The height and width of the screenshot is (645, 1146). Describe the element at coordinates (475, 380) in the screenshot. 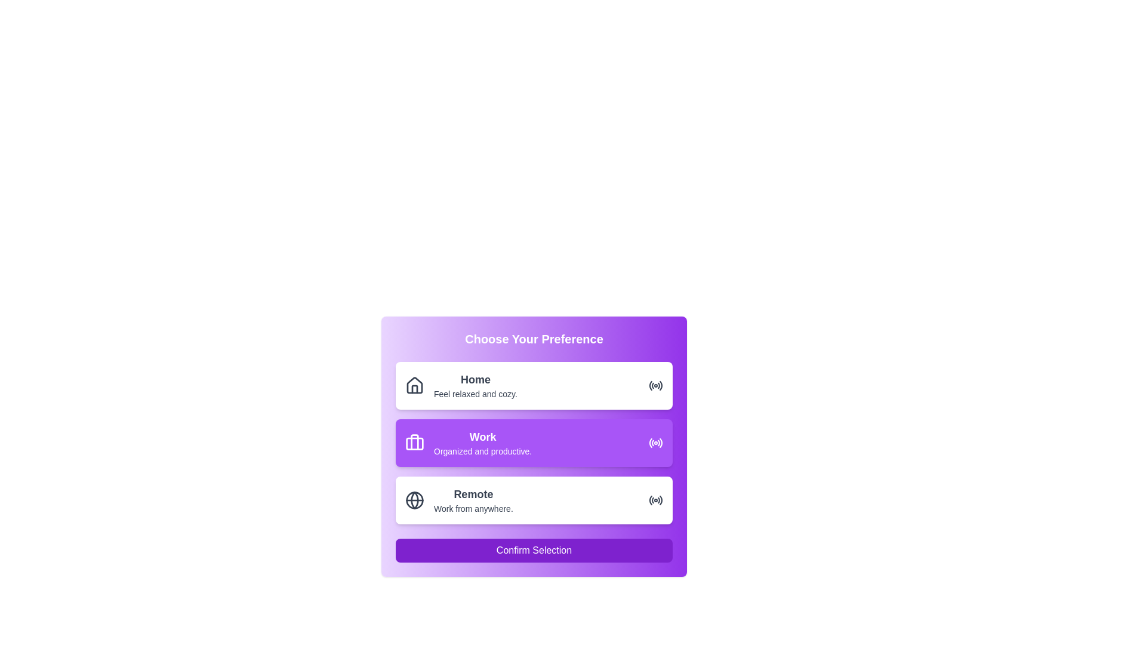

I see `the static text label representing the 'Home' category in the selection menu, which is positioned at the top of the 'Home Feel relaxed and cozy' card` at that location.